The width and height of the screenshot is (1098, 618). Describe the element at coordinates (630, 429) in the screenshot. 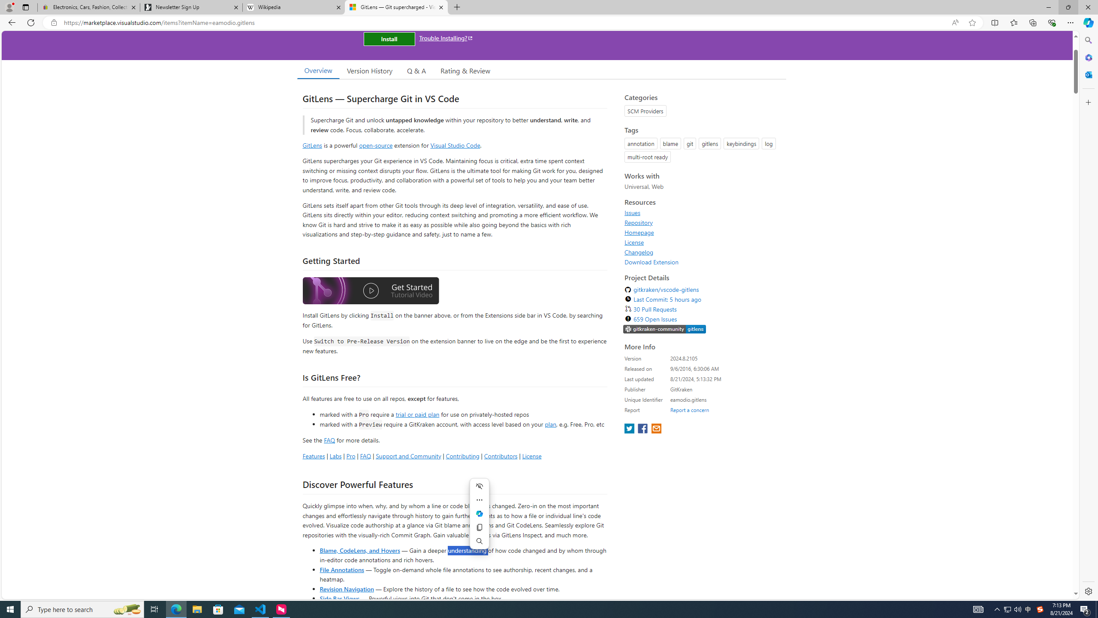

I see `'share extension on twitter'` at that location.